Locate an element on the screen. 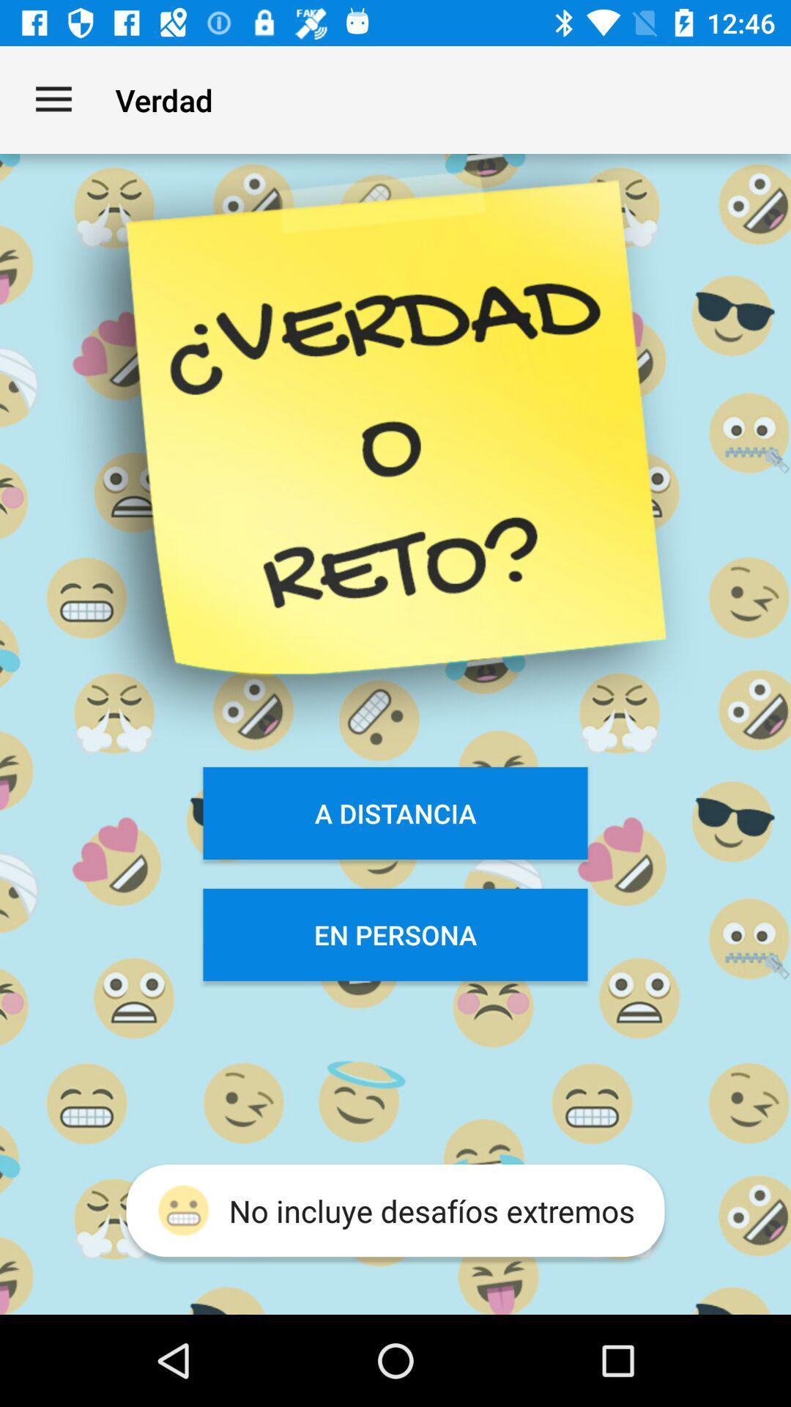 Image resolution: width=791 pixels, height=1407 pixels. item below a distancia item is located at coordinates (395, 934).